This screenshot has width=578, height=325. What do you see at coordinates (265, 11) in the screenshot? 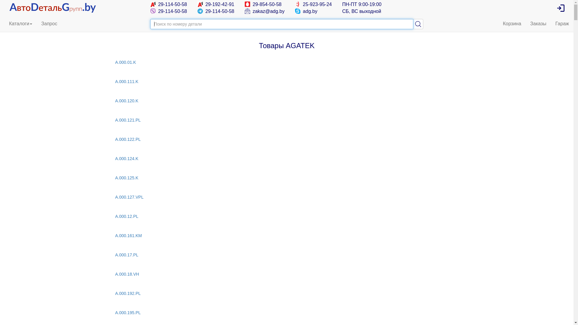
I see `'zakaz@adg.by'` at bounding box center [265, 11].